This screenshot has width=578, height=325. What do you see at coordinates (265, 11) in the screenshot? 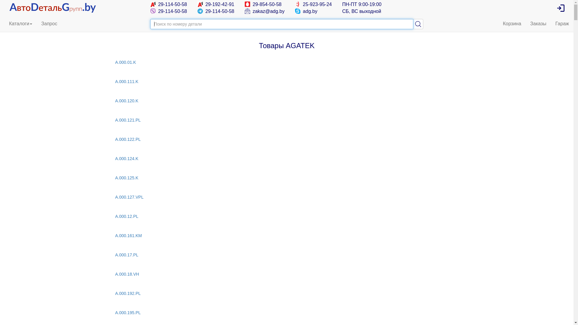
I see `'zakaz@adg.by'` at bounding box center [265, 11].